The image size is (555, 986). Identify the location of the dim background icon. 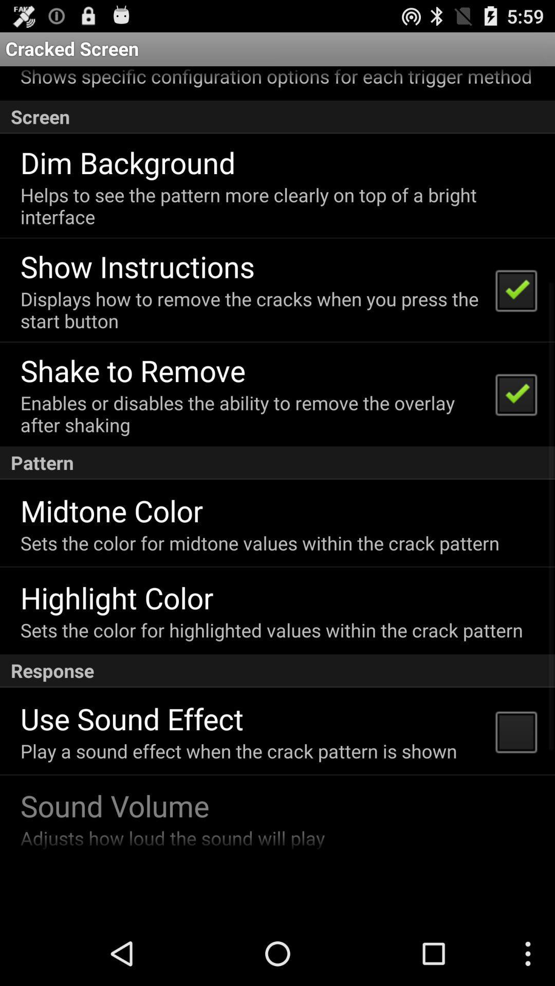
(127, 162).